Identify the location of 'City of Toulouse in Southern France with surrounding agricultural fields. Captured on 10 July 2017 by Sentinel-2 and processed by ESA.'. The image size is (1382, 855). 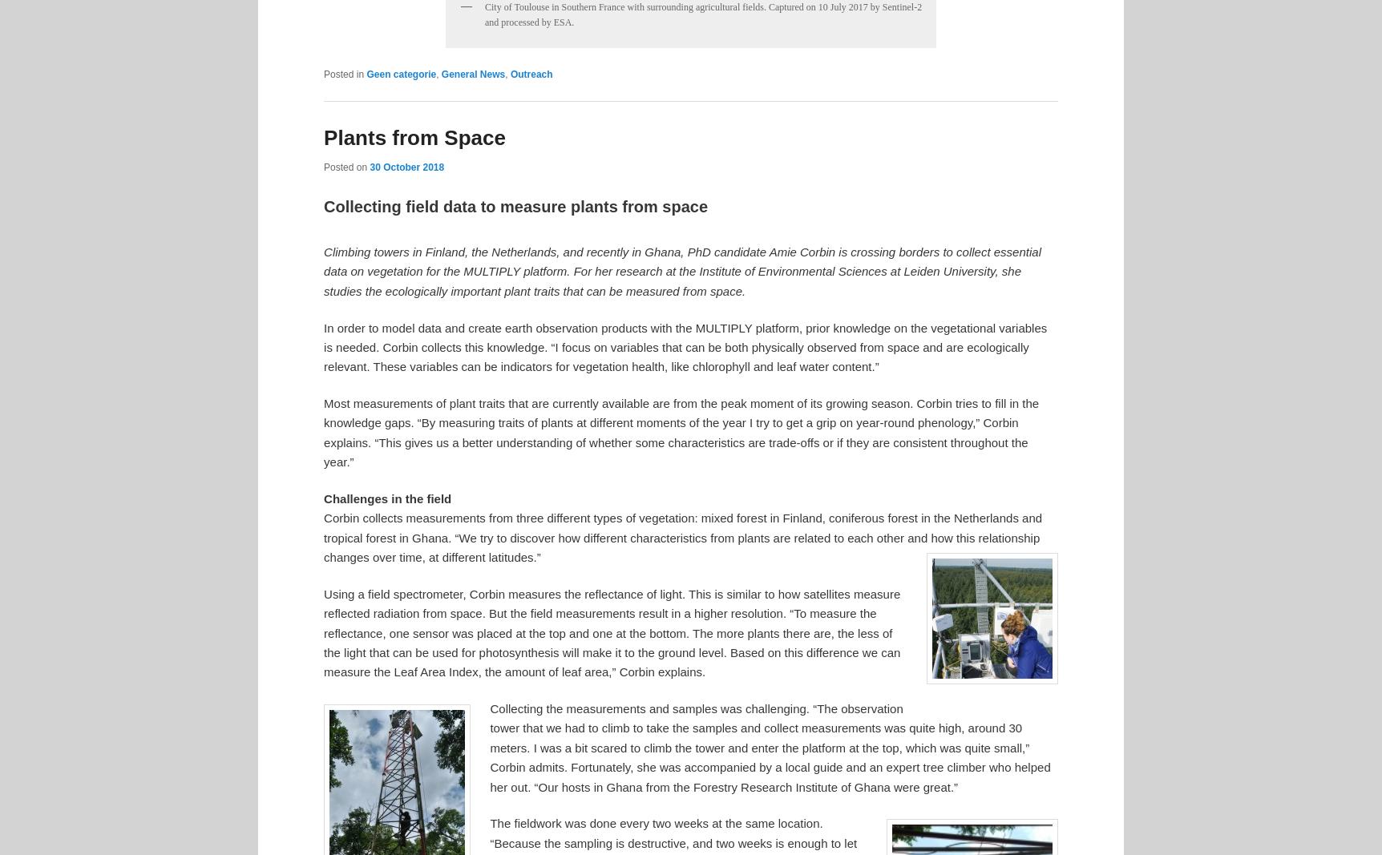
(484, 14).